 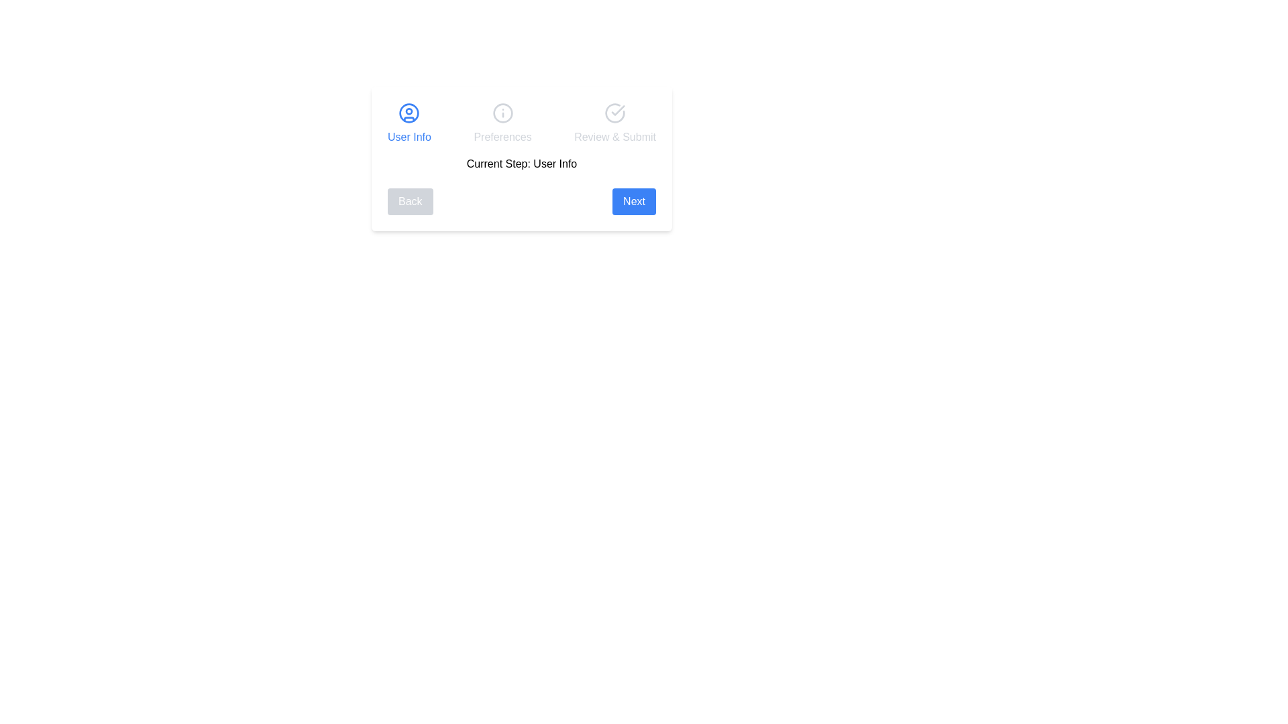 What do you see at coordinates (633, 201) in the screenshot?
I see `the 'Next' button to proceed to the next step` at bounding box center [633, 201].